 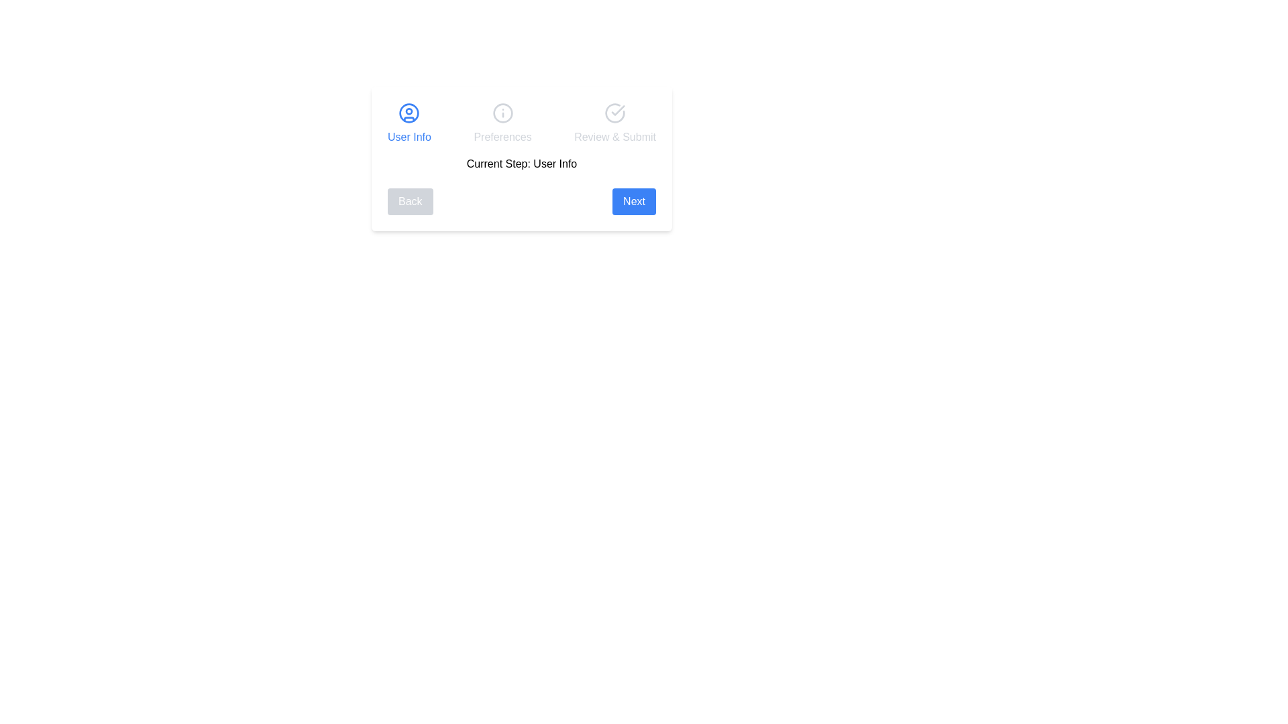 What do you see at coordinates (633, 201) in the screenshot?
I see `the 'Next' button to proceed to the next step` at bounding box center [633, 201].